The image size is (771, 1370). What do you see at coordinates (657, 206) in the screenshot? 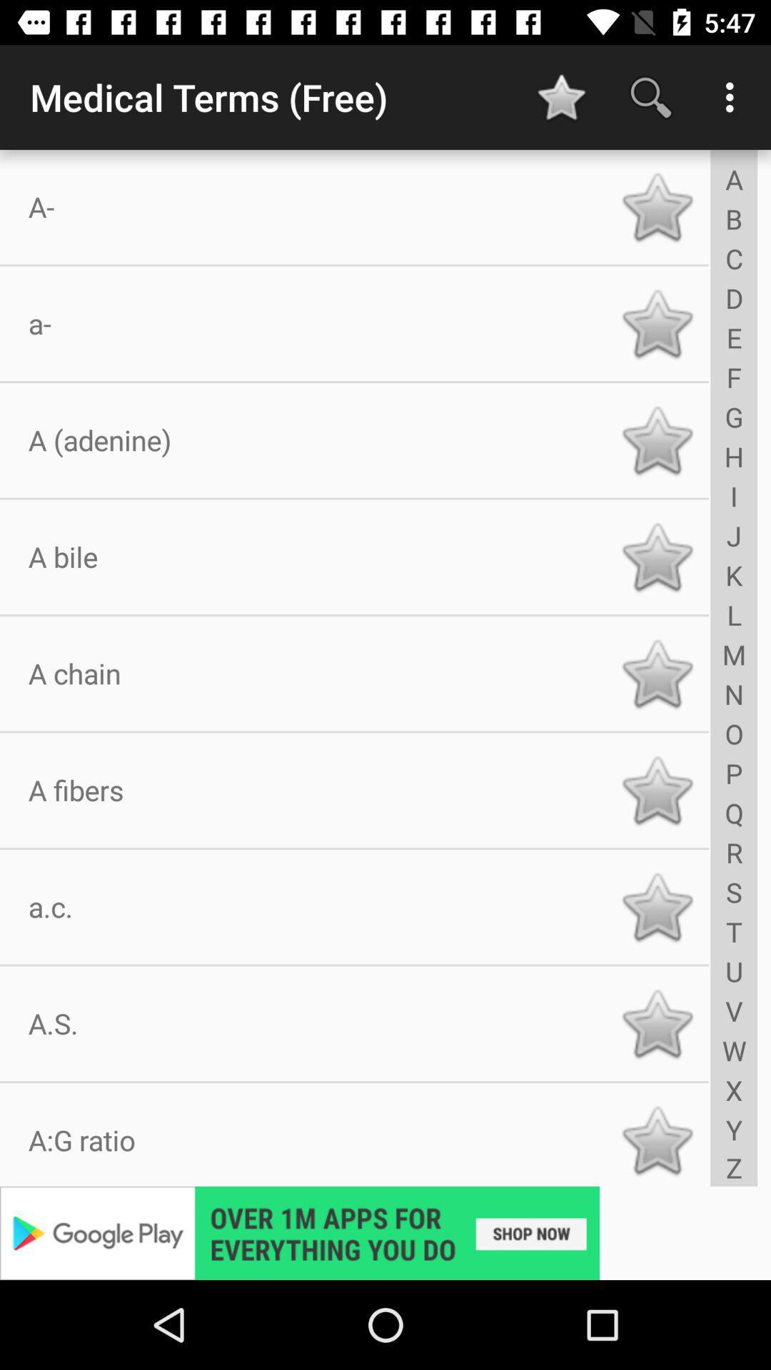
I see `bookmark` at bounding box center [657, 206].